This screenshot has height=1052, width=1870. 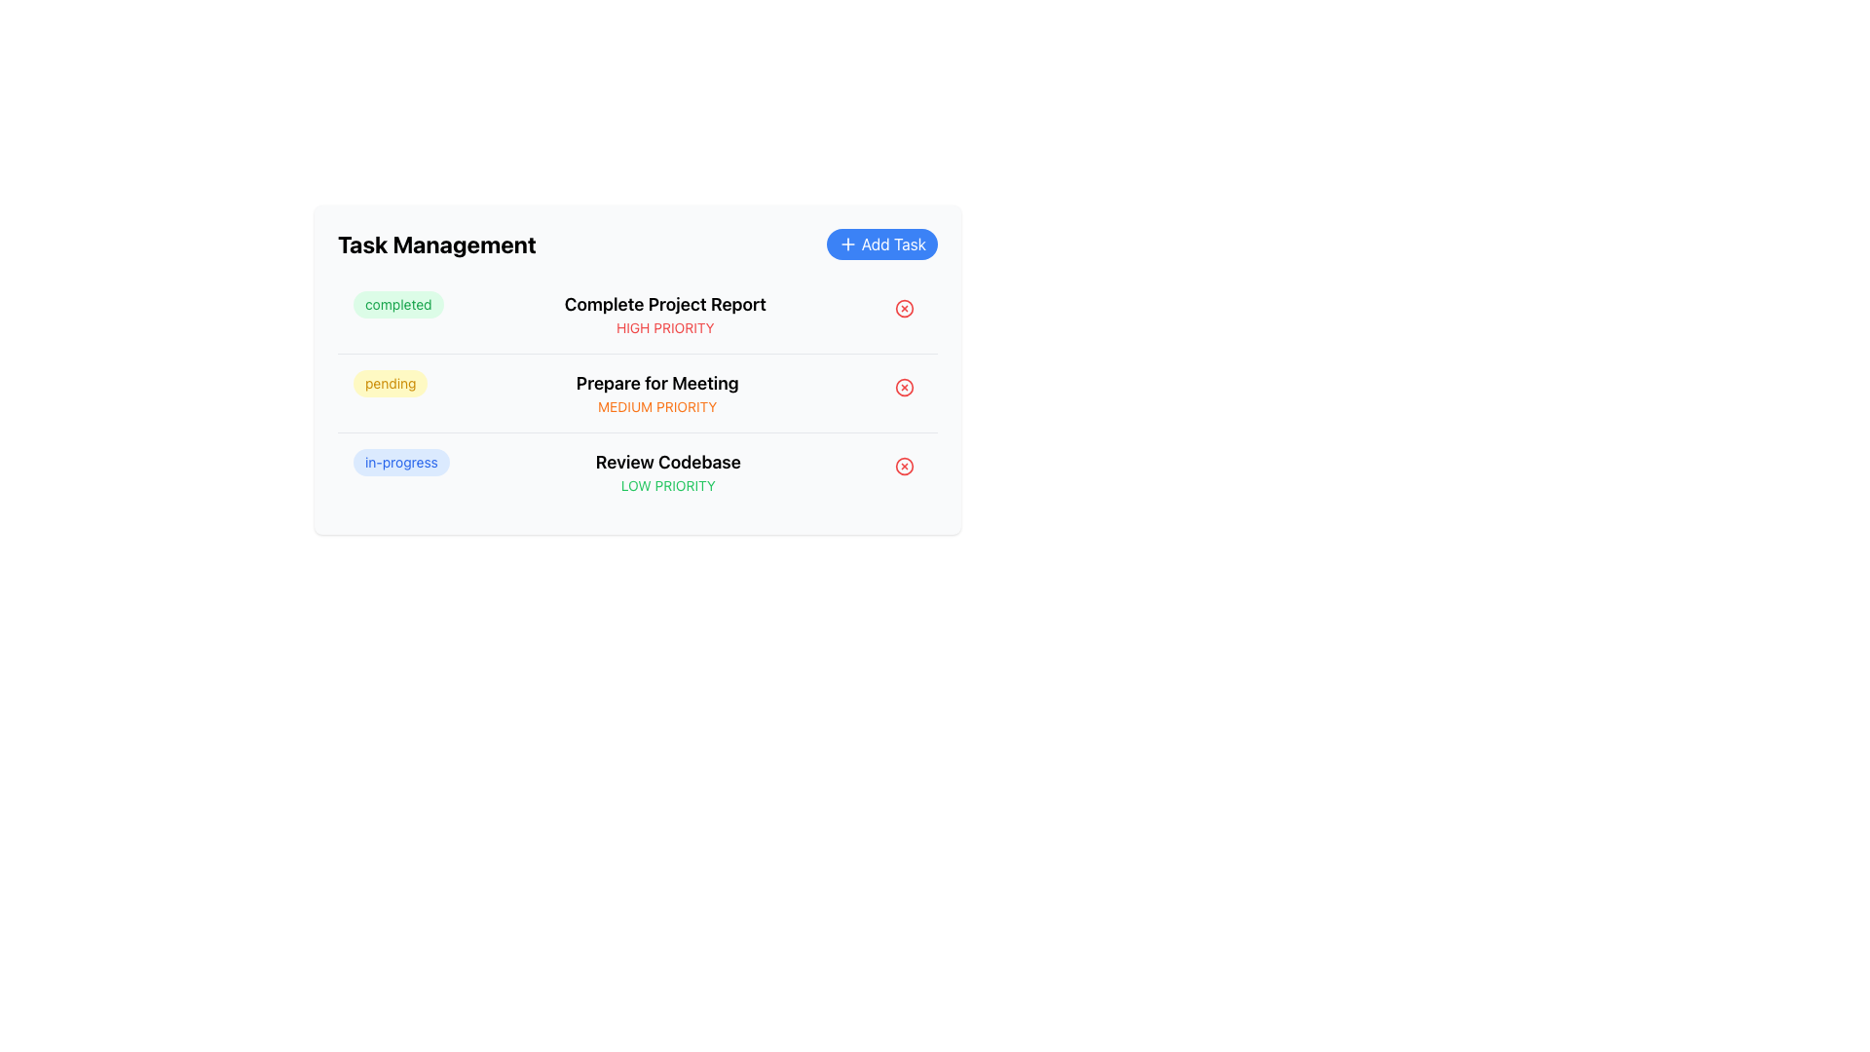 I want to click on the completion status label indicating the task's current state for 'Complete Project Report' with 'HIGH PRIORITY', so click(x=397, y=304).